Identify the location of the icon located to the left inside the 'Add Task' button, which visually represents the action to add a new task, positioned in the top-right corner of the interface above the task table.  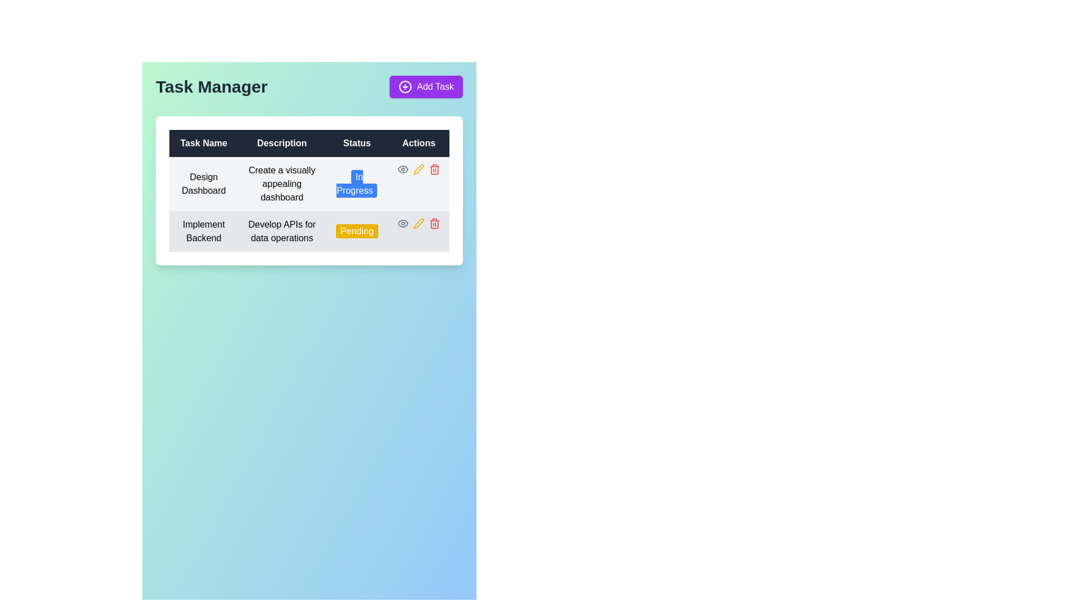
(405, 86).